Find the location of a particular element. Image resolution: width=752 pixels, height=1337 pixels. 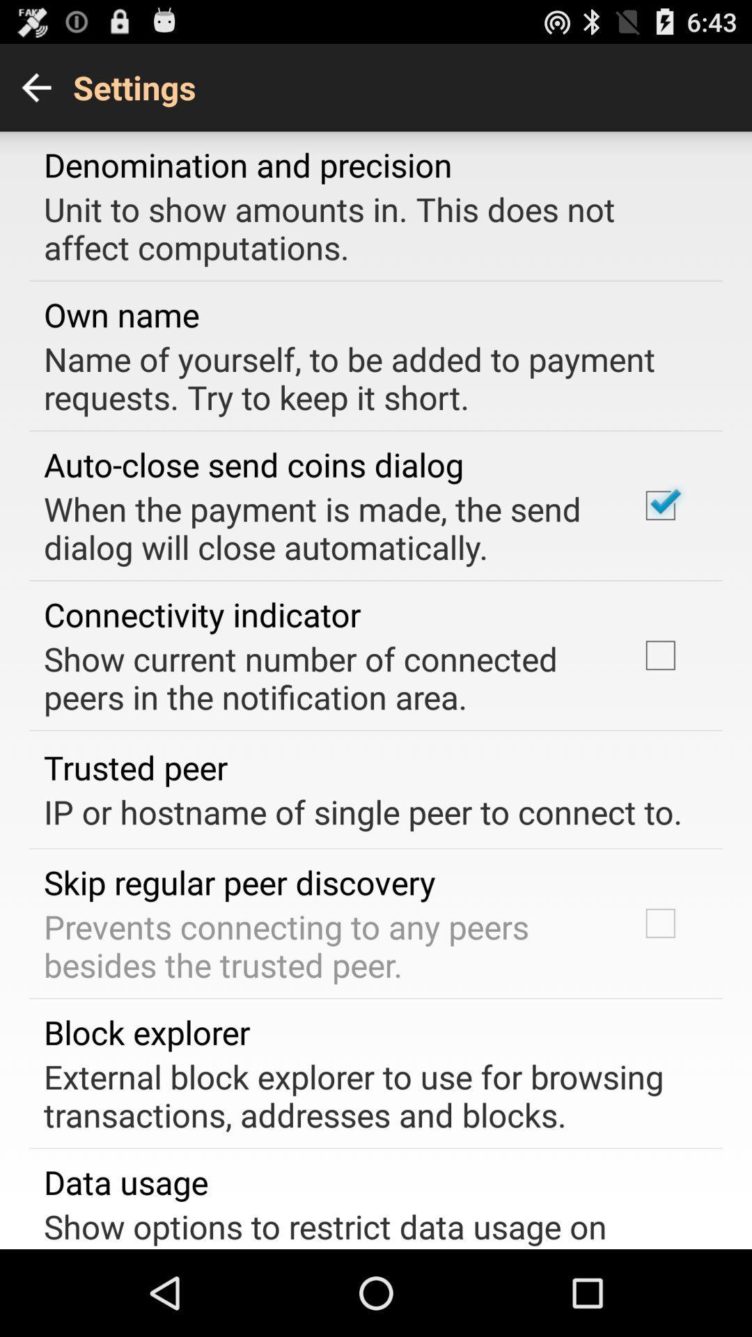

the show current number app is located at coordinates (322, 678).